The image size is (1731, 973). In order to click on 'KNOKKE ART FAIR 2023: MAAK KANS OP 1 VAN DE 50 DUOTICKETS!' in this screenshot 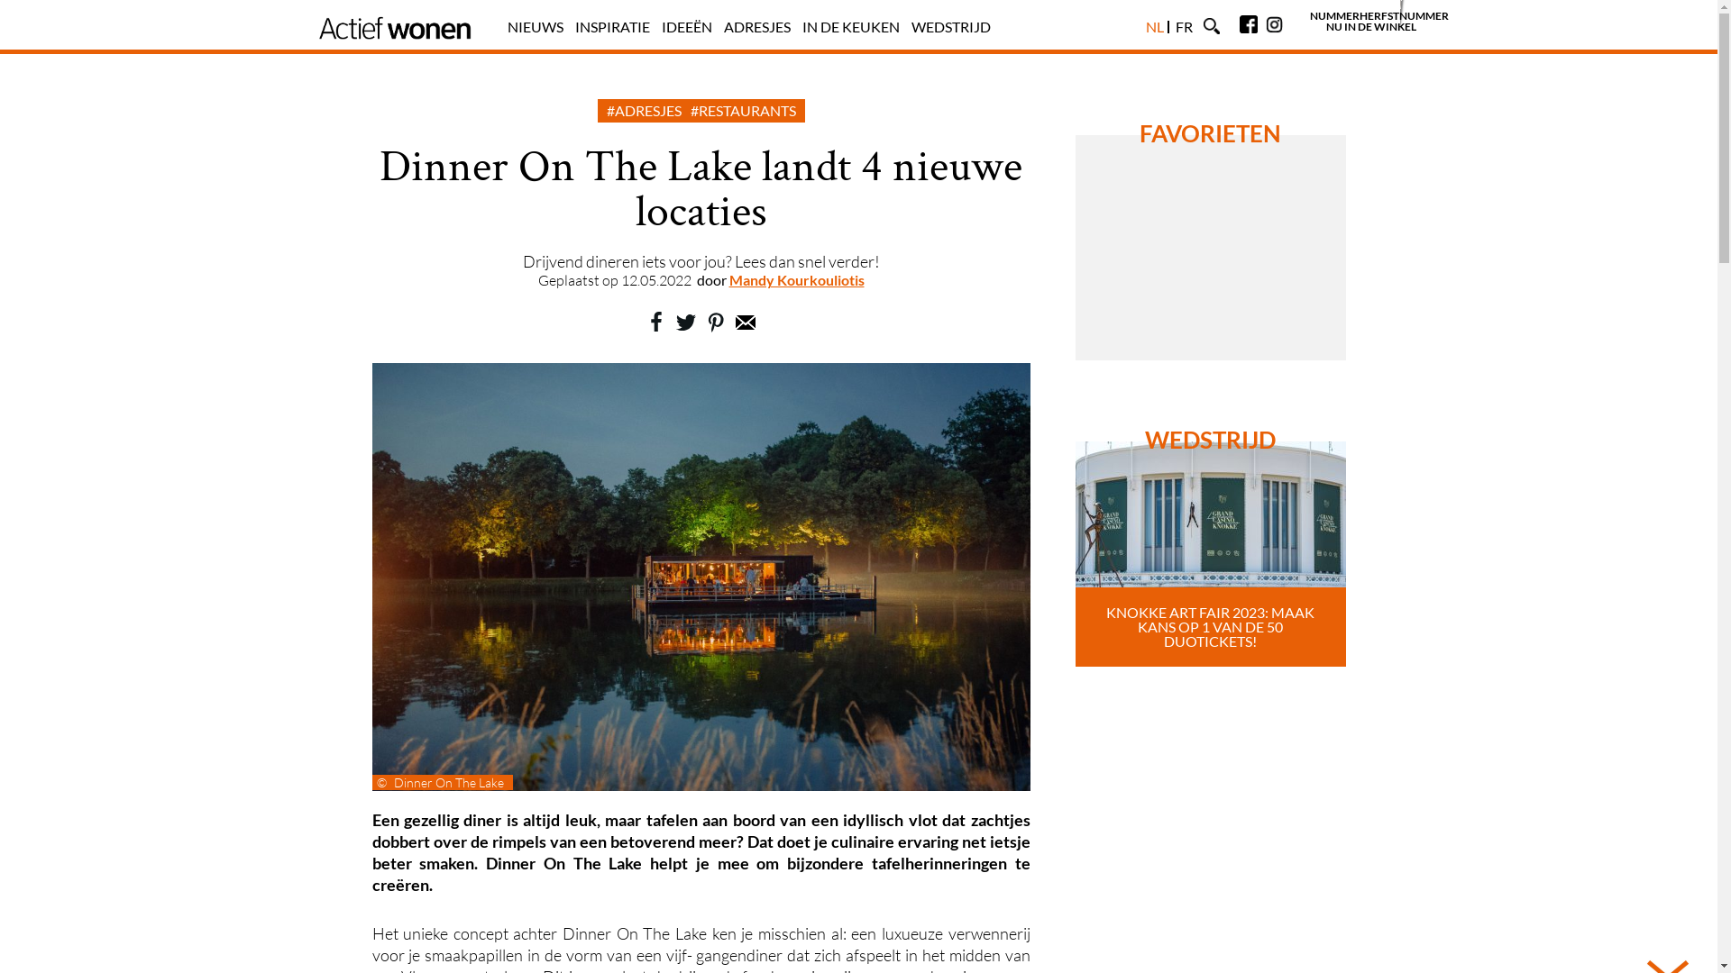, I will do `click(1210, 552)`.